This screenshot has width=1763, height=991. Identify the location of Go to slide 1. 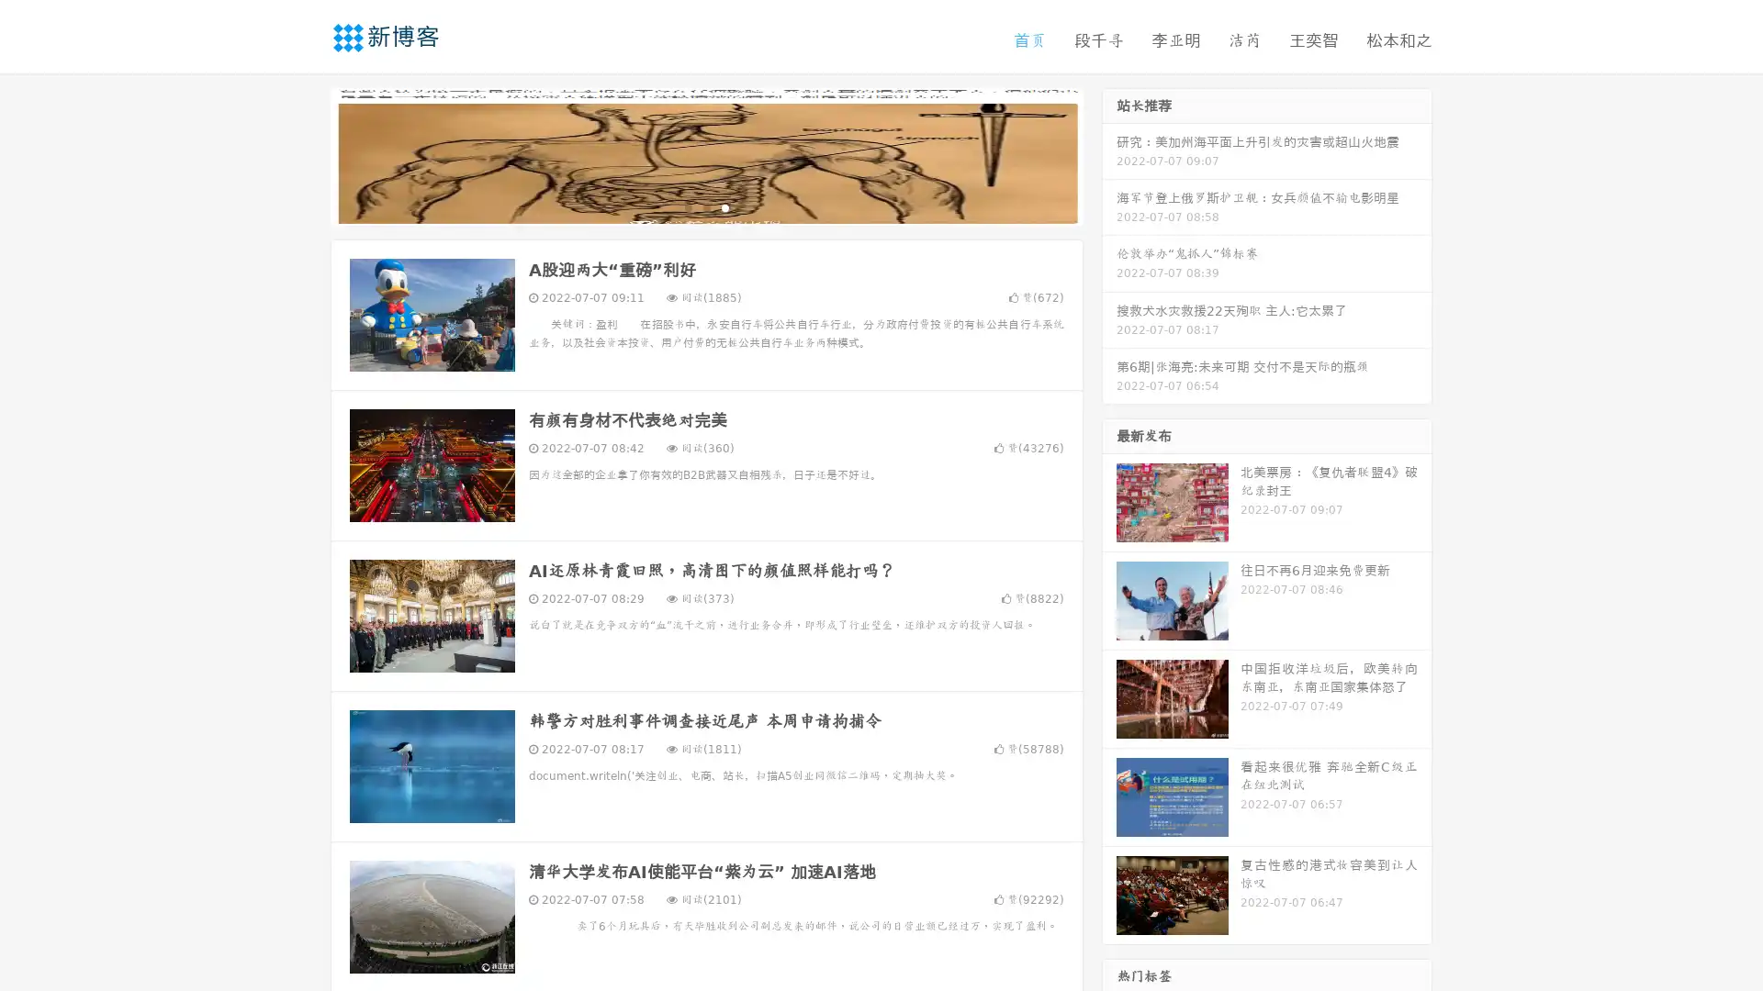
(687, 206).